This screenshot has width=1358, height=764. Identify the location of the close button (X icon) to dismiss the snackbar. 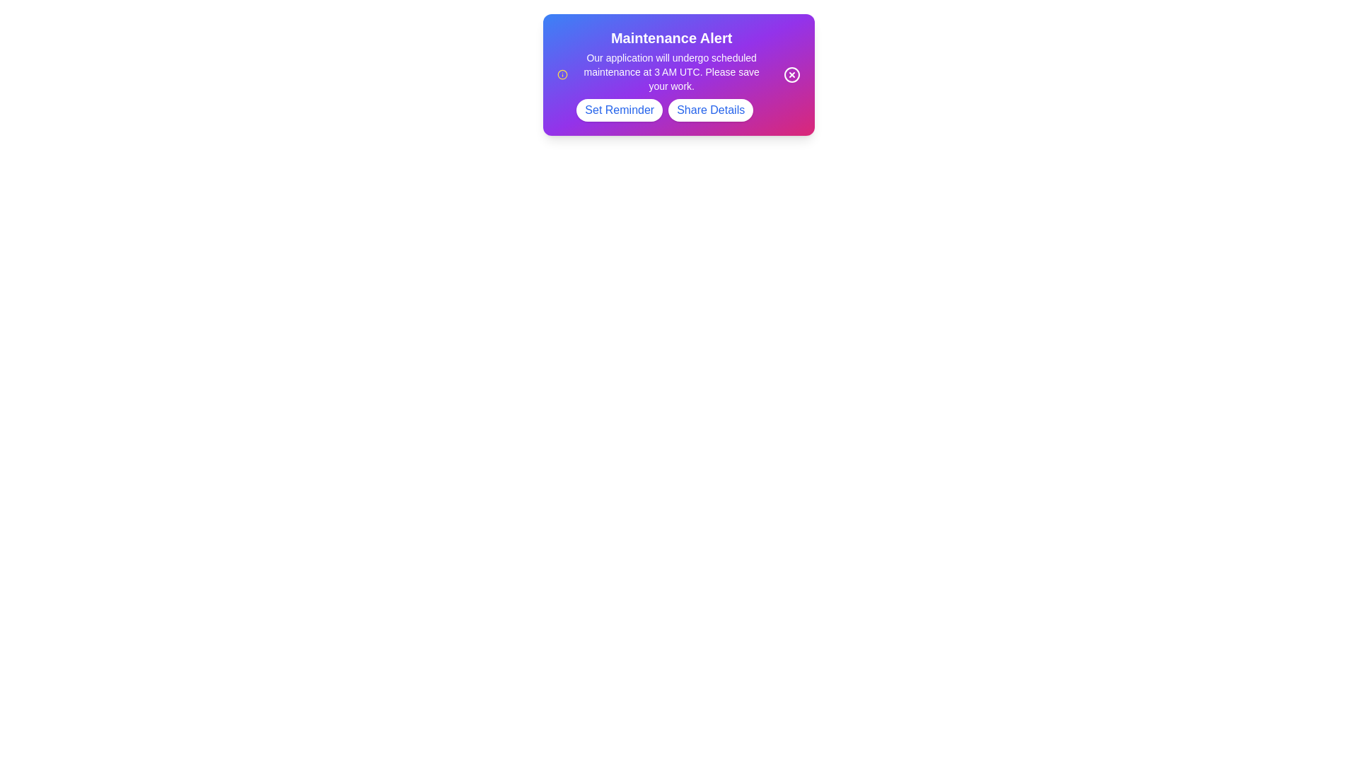
(791, 74).